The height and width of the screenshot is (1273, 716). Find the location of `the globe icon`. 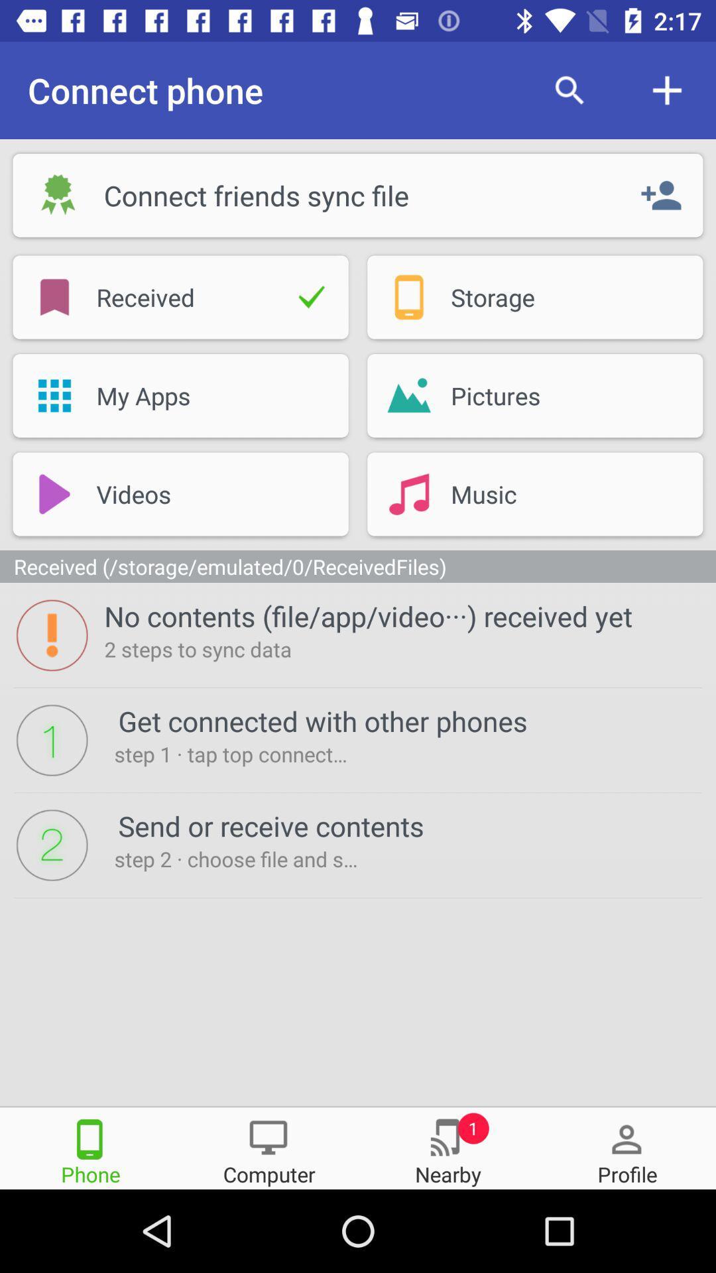

the globe icon is located at coordinates (447, 1147).